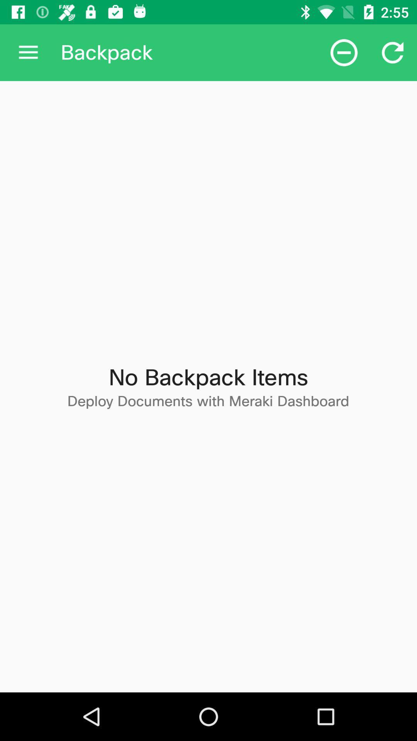  What do you see at coordinates (28, 52) in the screenshot?
I see `icon to the left of backpack item` at bounding box center [28, 52].